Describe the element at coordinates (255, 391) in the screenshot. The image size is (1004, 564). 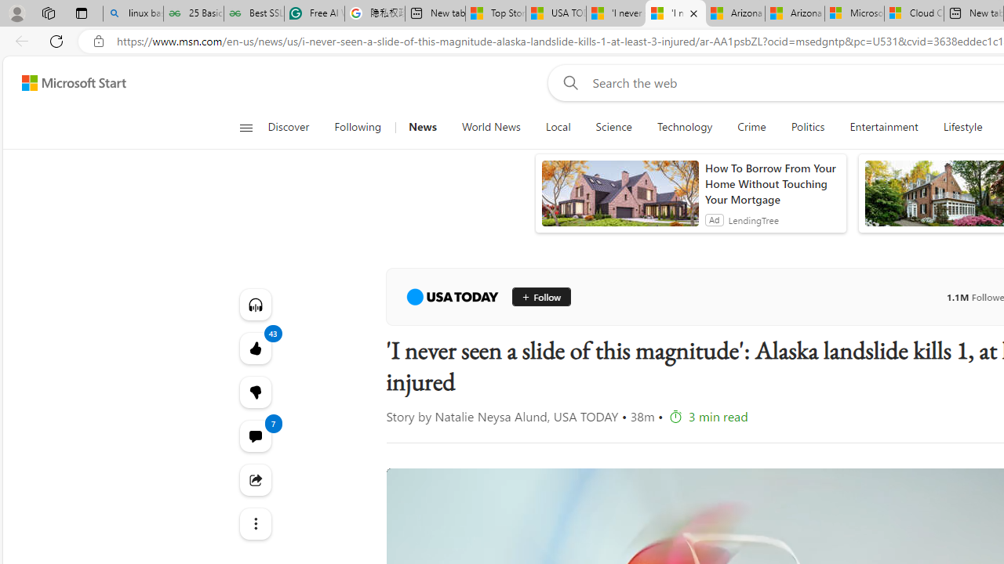
I see `'43'` at that location.